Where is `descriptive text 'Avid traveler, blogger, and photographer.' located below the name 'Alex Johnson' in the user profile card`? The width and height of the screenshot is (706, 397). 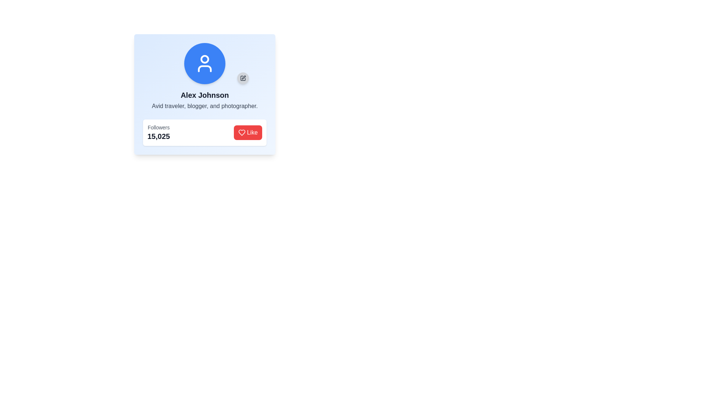
descriptive text 'Avid traveler, blogger, and photographer.' located below the name 'Alex Johnson' in the user profile card is located at coordinates (204, 106).